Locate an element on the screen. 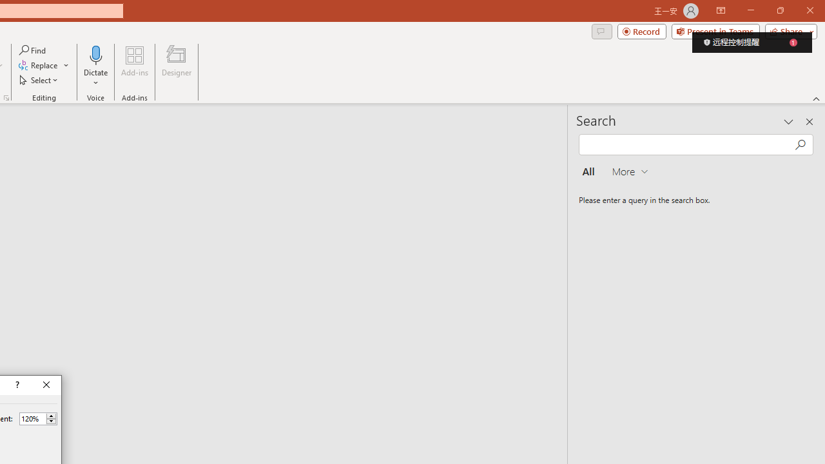 The height and width of the screenshot is (464, 825). 'Designer' is located at coordinates (176, 66).